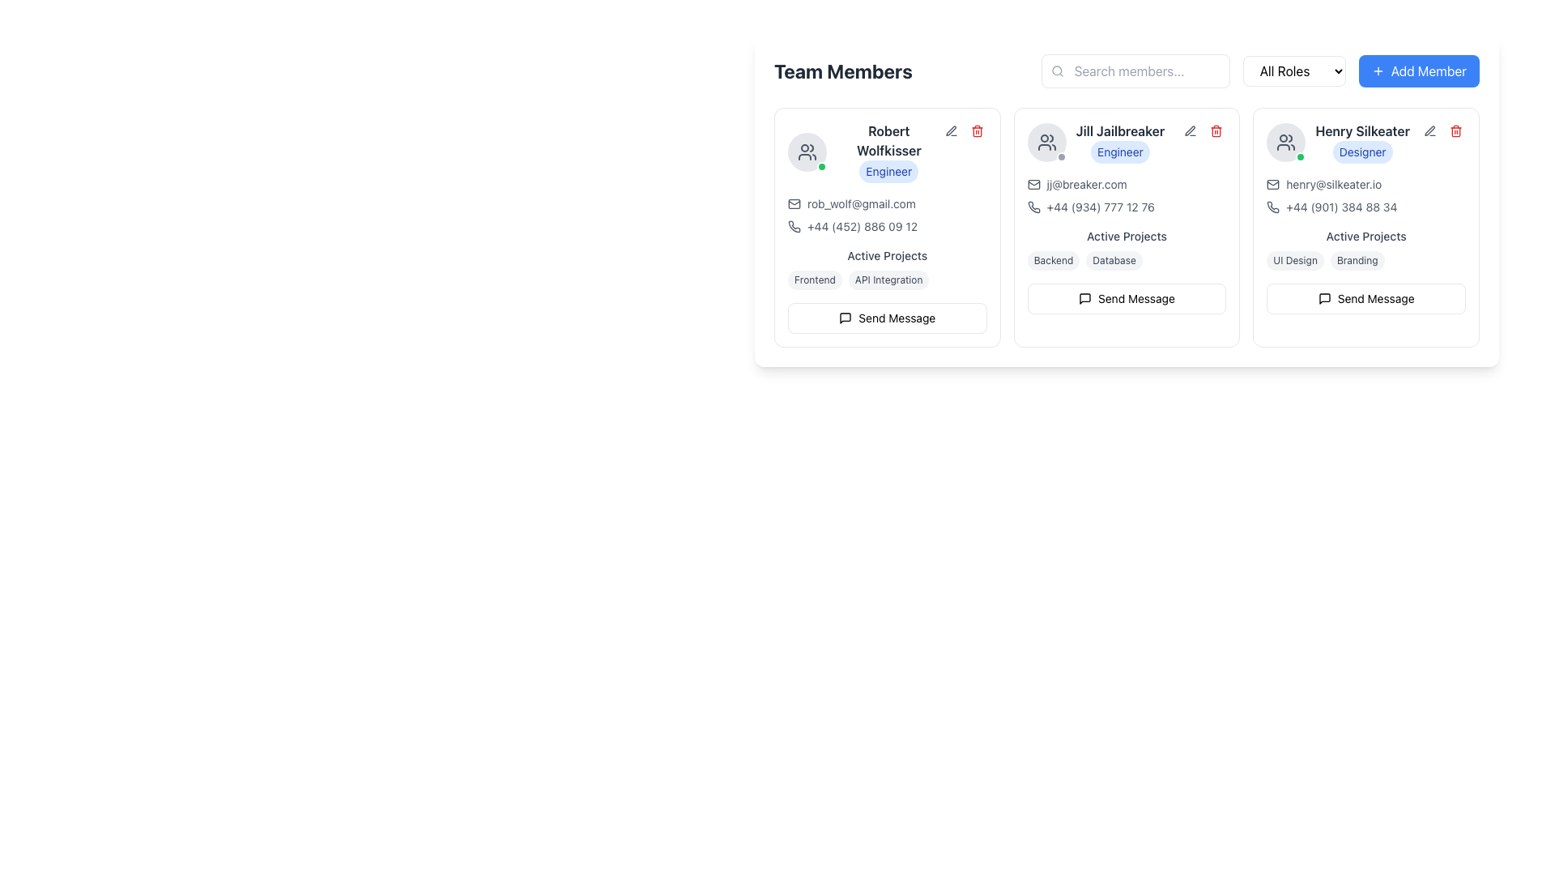 This screenshot has height=875, width=1555. Describe the element at coordinates (1085, 299) in the screenshot. I see `the messaging icon located in the second user profile card under 'Jill Jailbreaker', positioned near the action buttons for visual context` at that location.